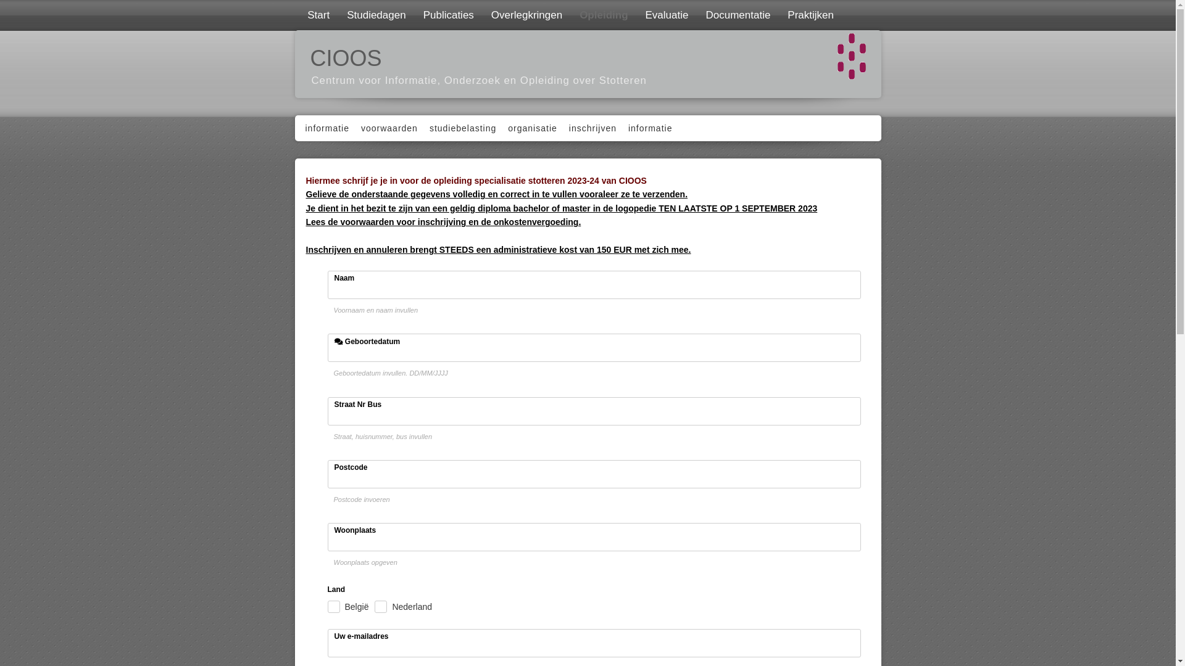  What do you see at coordinates (648, 128) in the screenshot?
I see `'informatie'` at bounding box center [648, 128].